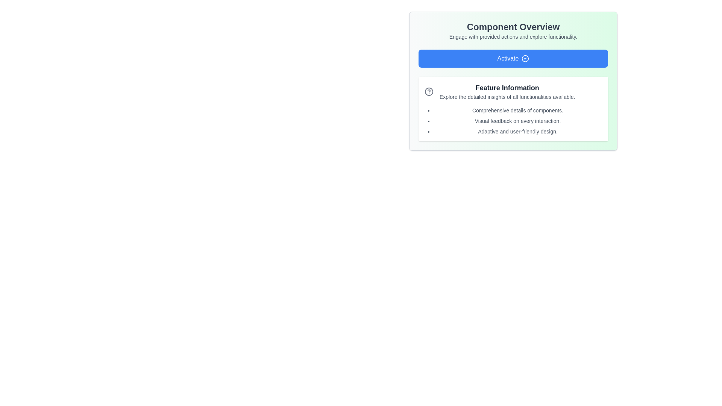 The image size is (722, 406). Describe the element at coordinates (513, 36) in the screenshot. I see `the text label that displays the message 'Engage with provided actions and explore functionality.' which is located directly below the header 'Component Overview'` at that location.